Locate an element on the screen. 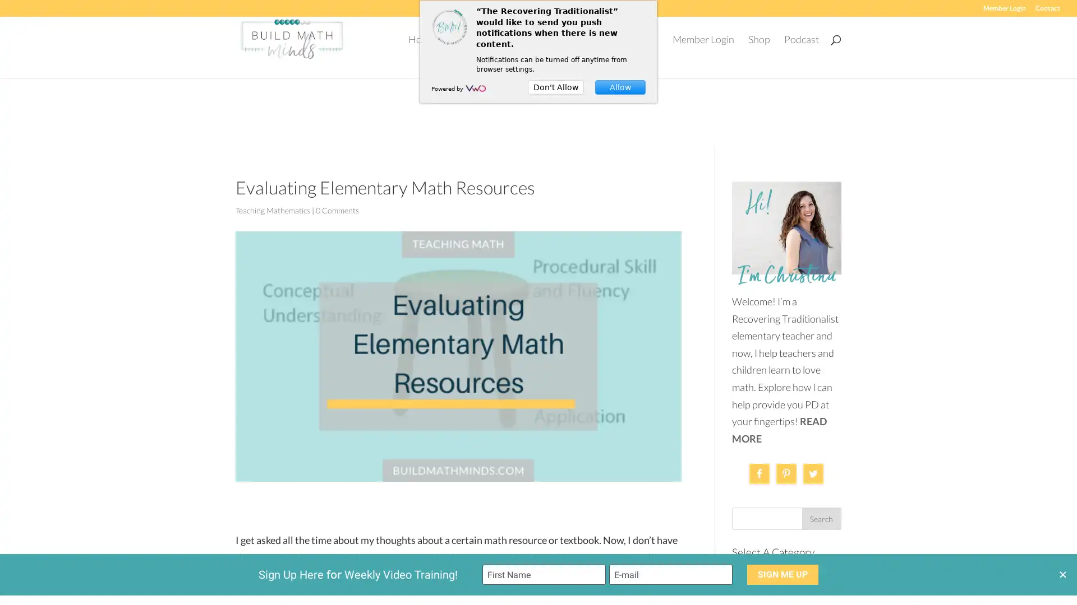 This screenshot has height=605, width=1077. Search is located at coordinates (821, 509).